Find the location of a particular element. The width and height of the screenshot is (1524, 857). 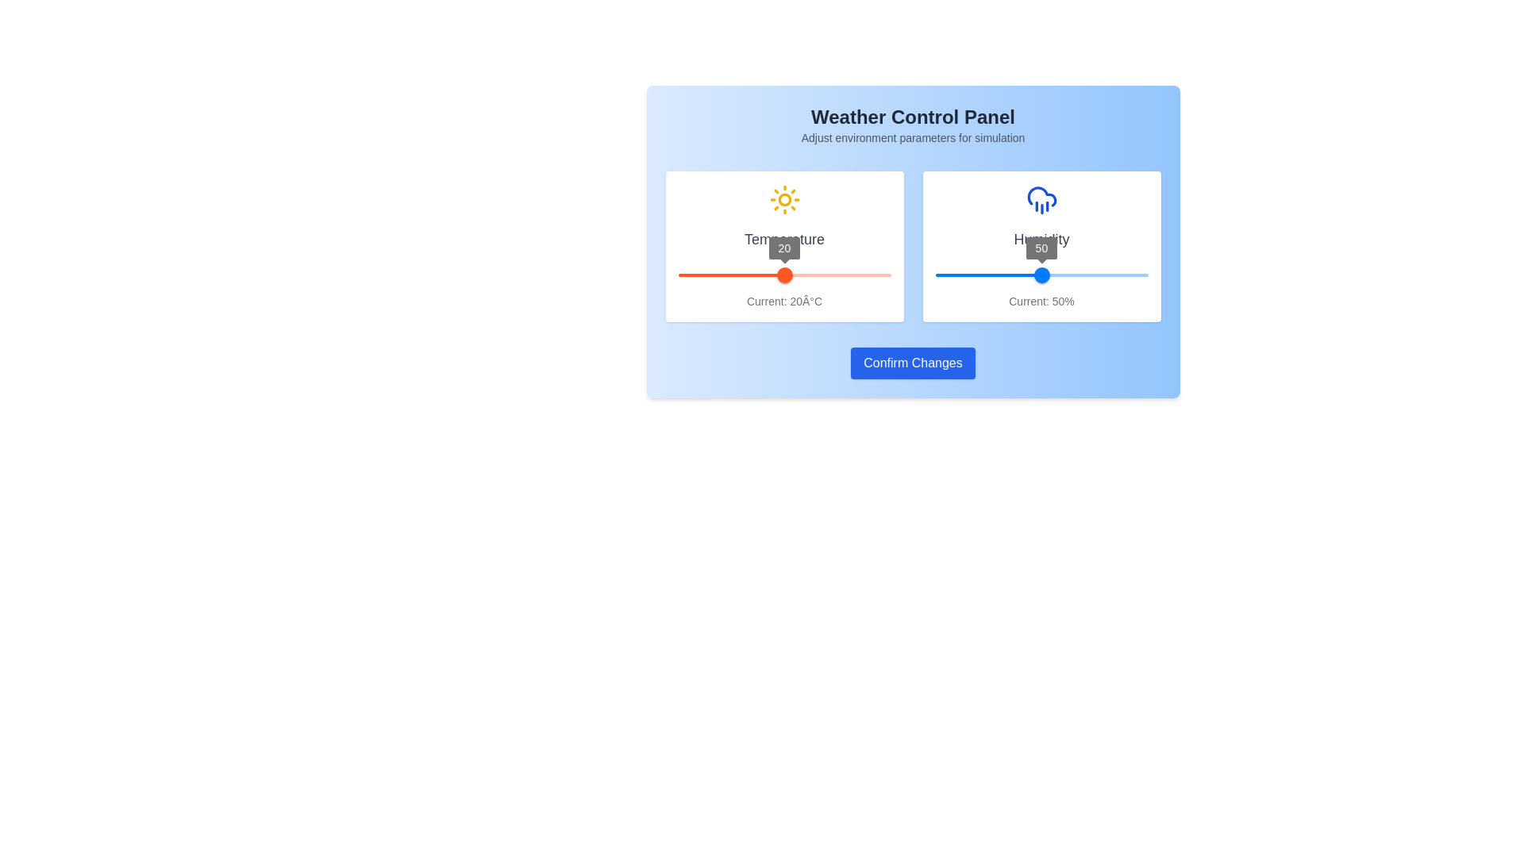

the small rectangular label displaying the number '20' in white text, which is situated above the red circular slider knob in the Temperature control interface of the Weather Control Panel is located at coordinates (784, 248).